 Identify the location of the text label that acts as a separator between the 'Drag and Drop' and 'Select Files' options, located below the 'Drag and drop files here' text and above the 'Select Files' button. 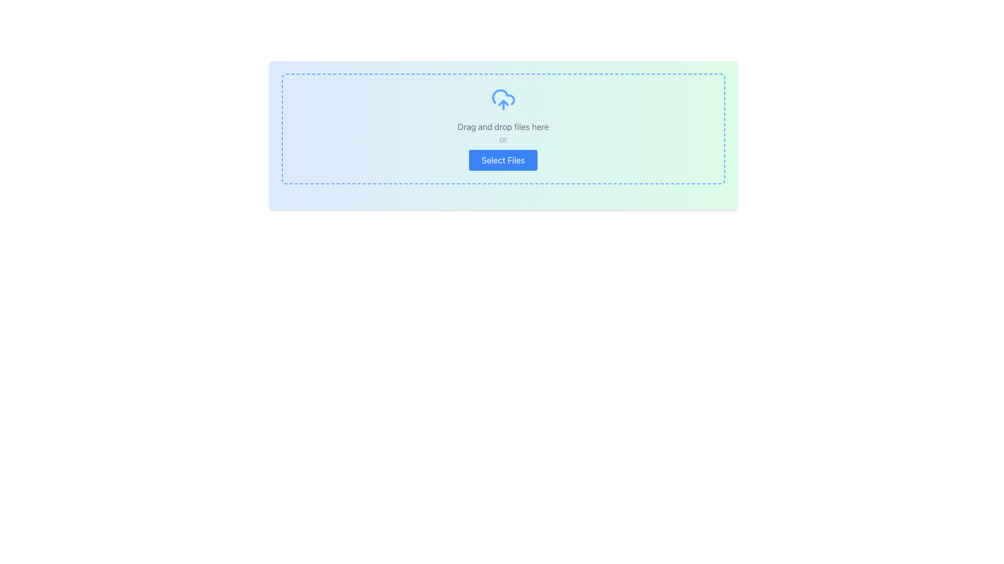
(503, 138).